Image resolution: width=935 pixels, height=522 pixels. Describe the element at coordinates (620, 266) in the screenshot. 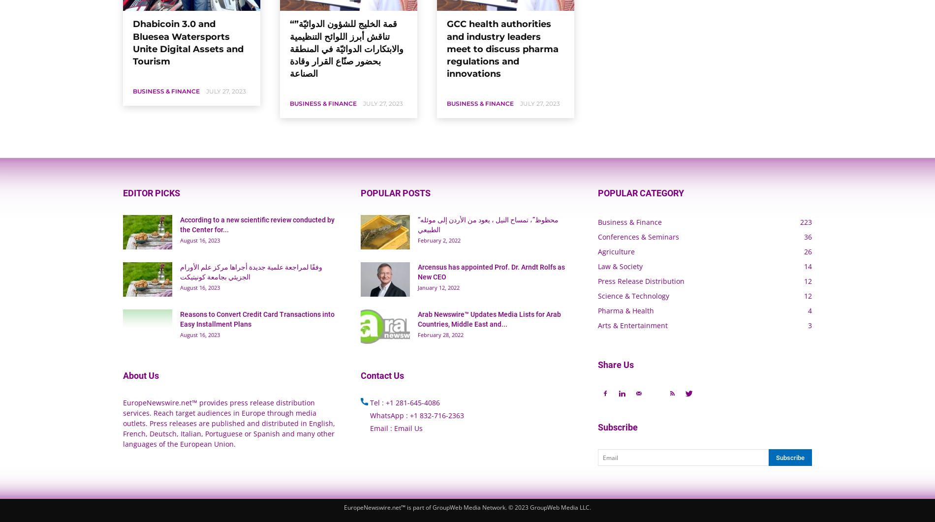

I see `'Law & Society'` at that location.